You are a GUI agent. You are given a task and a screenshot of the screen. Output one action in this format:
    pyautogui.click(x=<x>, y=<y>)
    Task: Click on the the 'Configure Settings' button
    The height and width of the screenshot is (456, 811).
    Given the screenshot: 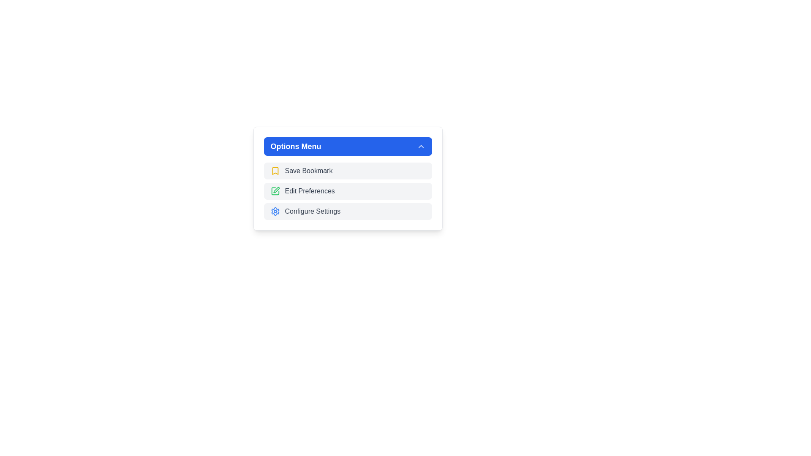 What is the action you would take?
    pyautogui.click(x=348, y=211)
    